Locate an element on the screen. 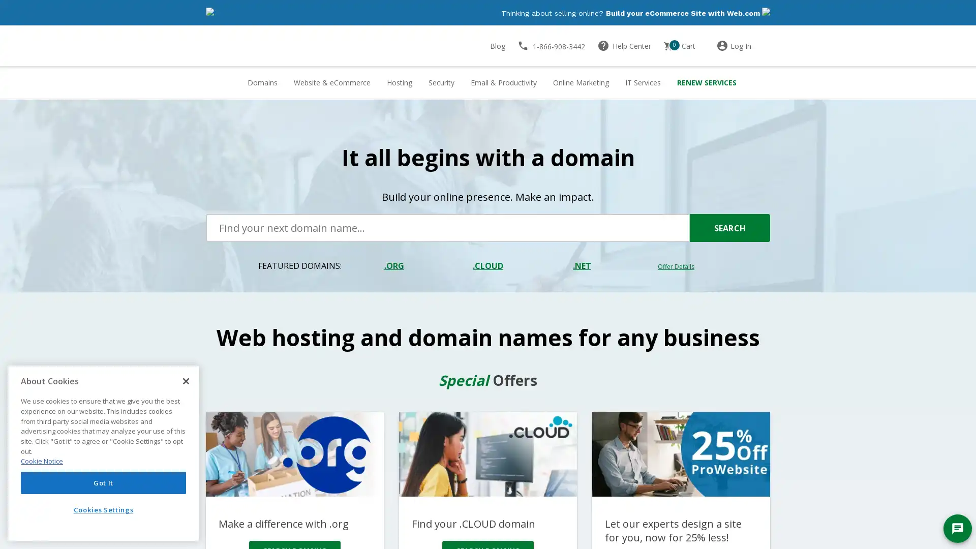 This screenshot has height=549, width=976. Offer Details is located at coordinates (676, 267).